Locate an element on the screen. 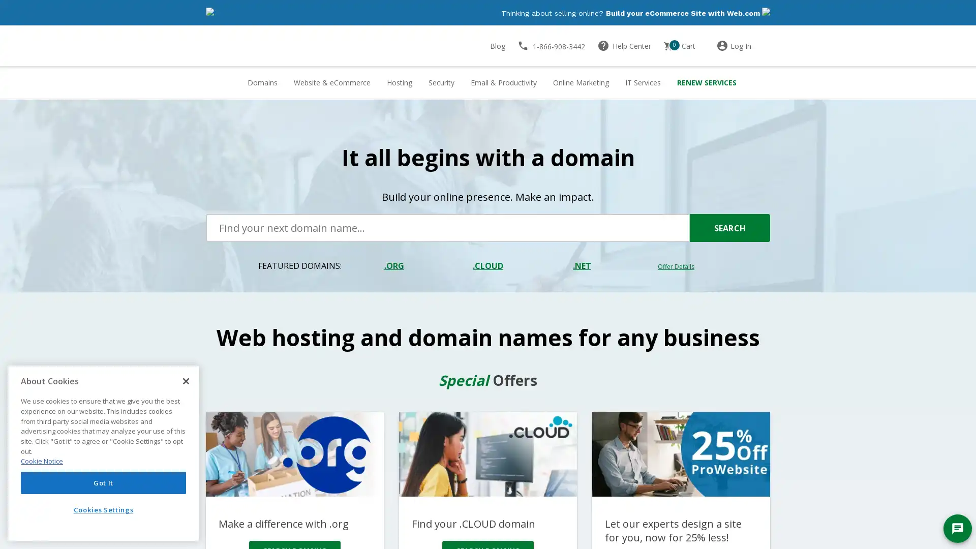 This screenshot has height=549, width=976. Offer Details is located at coordinates (676, 267).